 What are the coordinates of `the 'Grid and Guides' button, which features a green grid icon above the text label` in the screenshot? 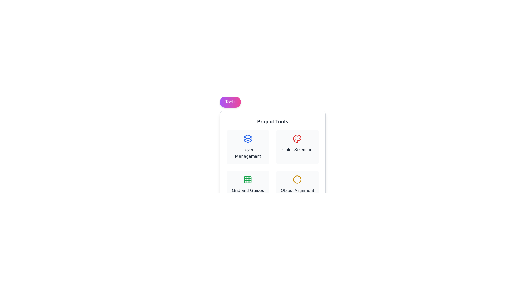 It's located at (248, 184).